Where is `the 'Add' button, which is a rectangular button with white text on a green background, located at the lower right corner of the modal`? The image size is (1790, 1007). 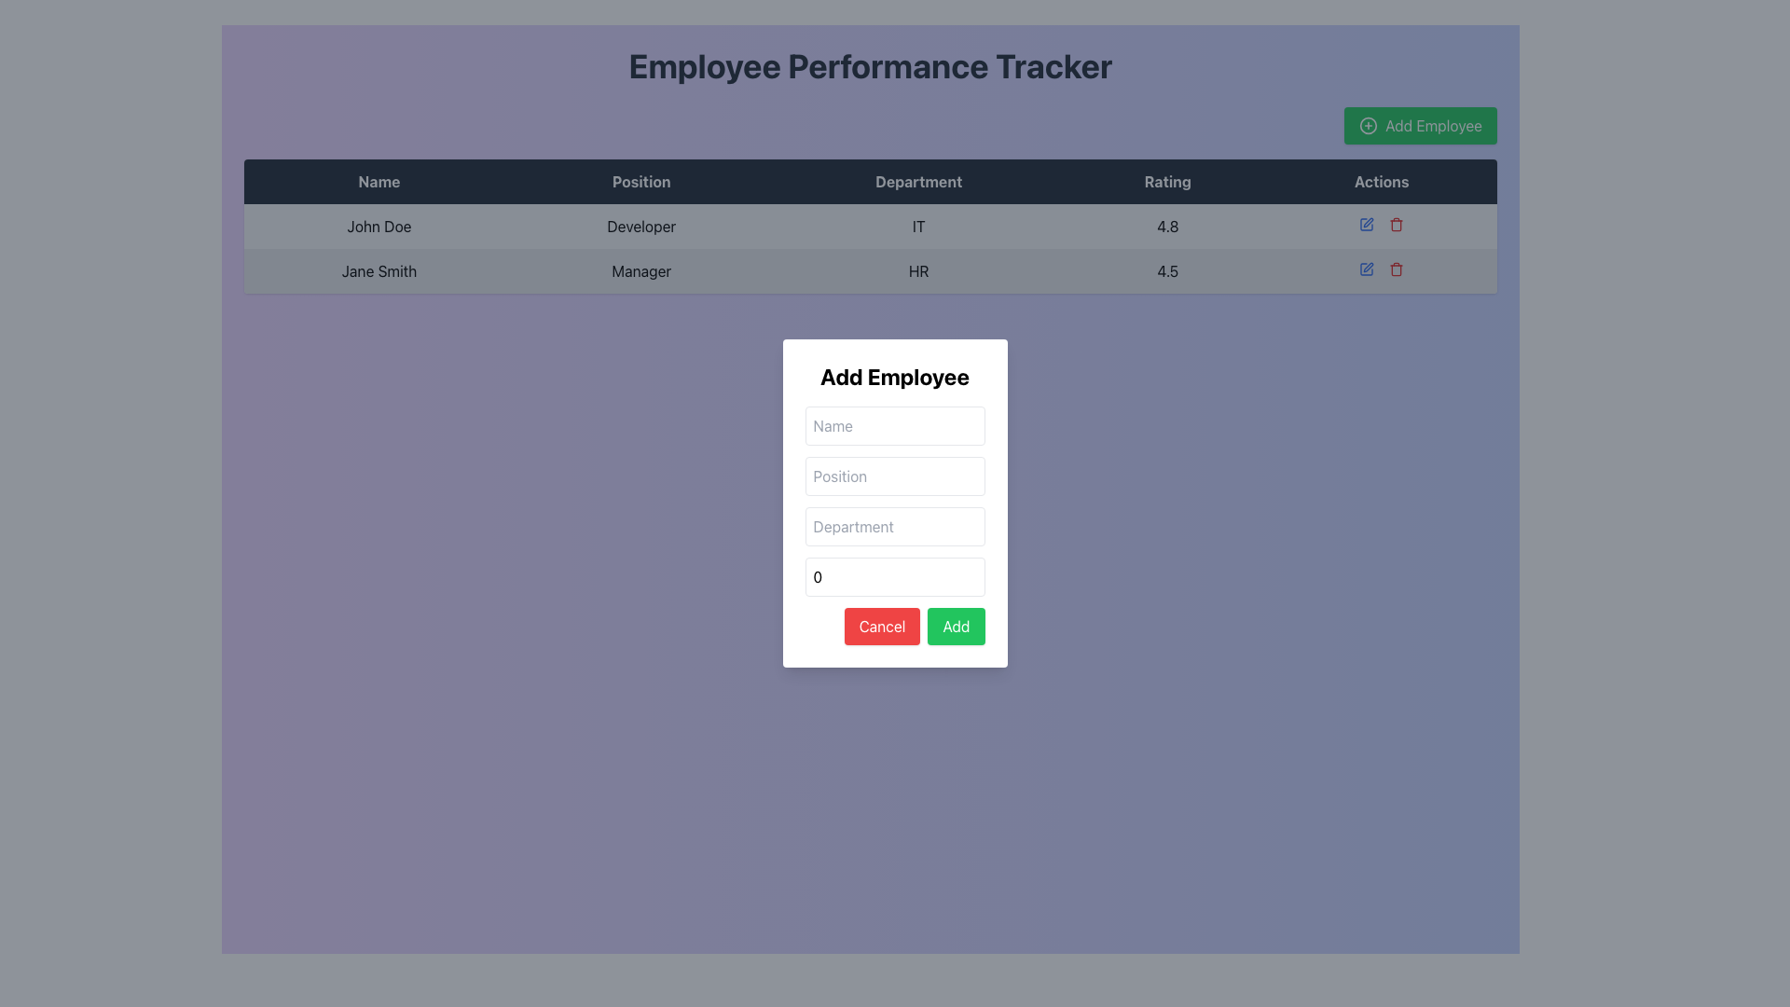
the 'Add' button, which is a rectangular button with white text on a green background, located at the lower right corner of the modal is located at coordinates (957, 626).